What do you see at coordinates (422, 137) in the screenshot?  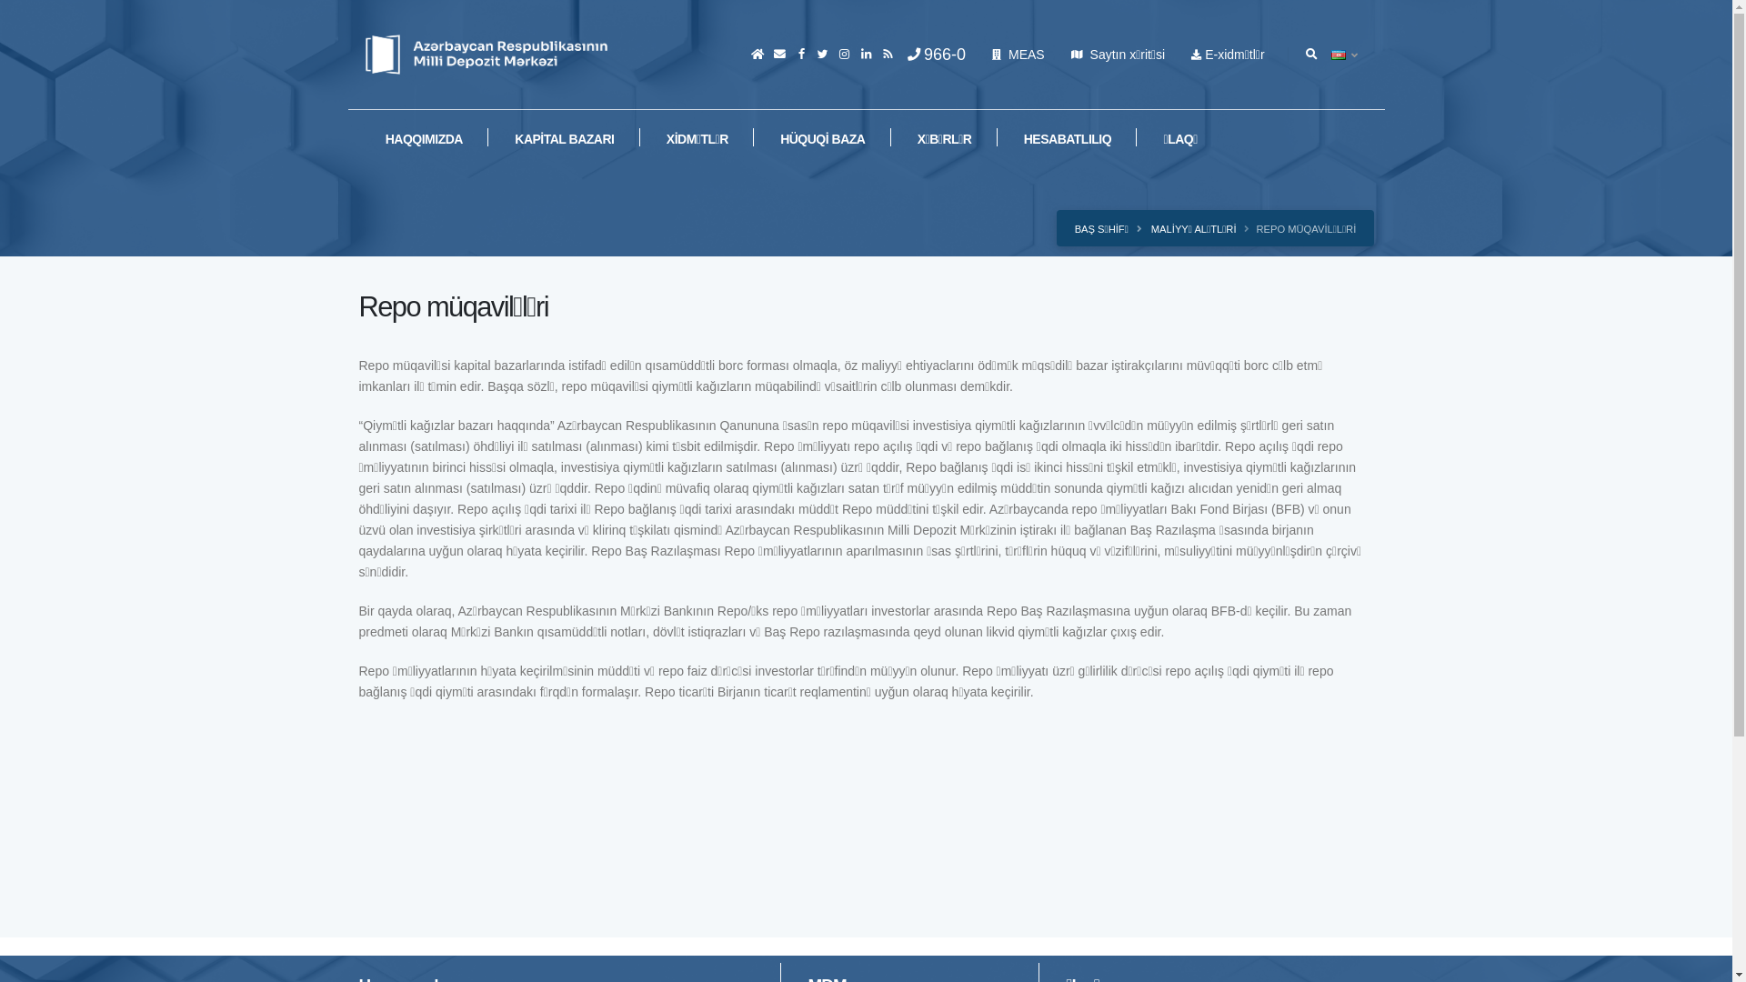 I see `'HAQQIMIZDA'` at bounding box center [422, 137].